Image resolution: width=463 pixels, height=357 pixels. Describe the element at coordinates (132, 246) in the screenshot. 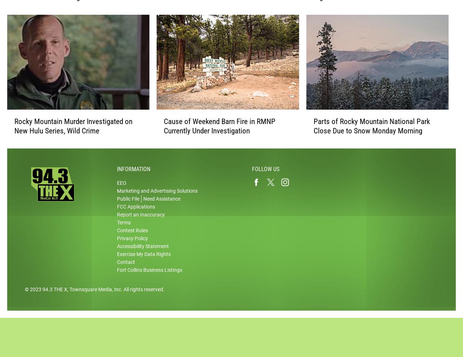

I see `'Privacy Policy'` at that location.